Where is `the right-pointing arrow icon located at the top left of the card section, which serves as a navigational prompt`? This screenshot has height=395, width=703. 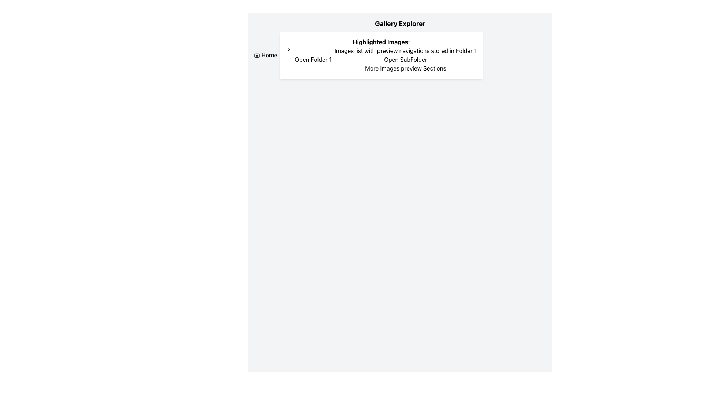
the right-pointing arrow icon located at the top left of the card section, which serves as a navigational prompt is located at coordinates (289, 49).